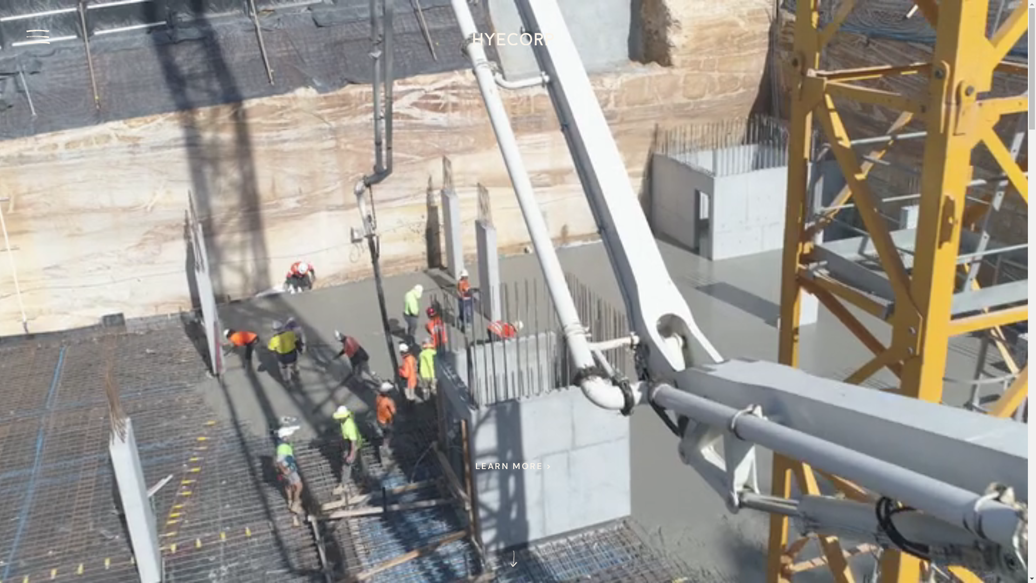  Describe the element at coordinates (462, 466) in the screenshot. I see `'LEARN MORE >'` at that location.